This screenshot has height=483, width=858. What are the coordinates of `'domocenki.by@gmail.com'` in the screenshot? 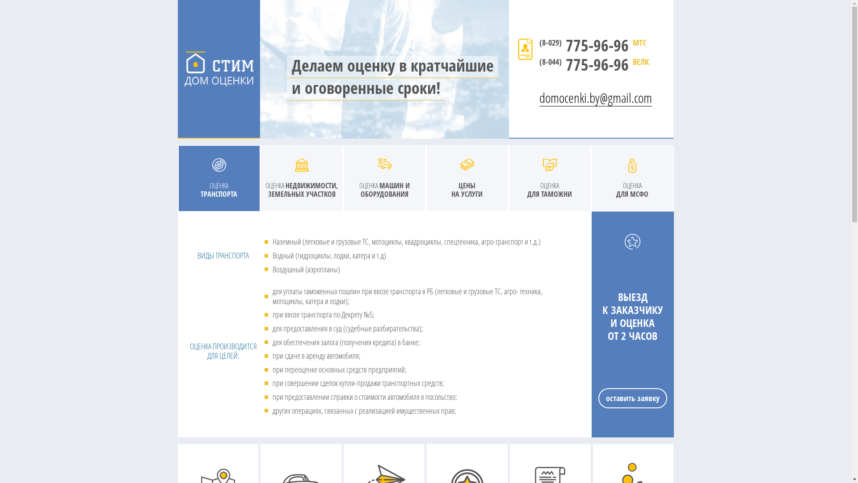 It's located at (538, 91).